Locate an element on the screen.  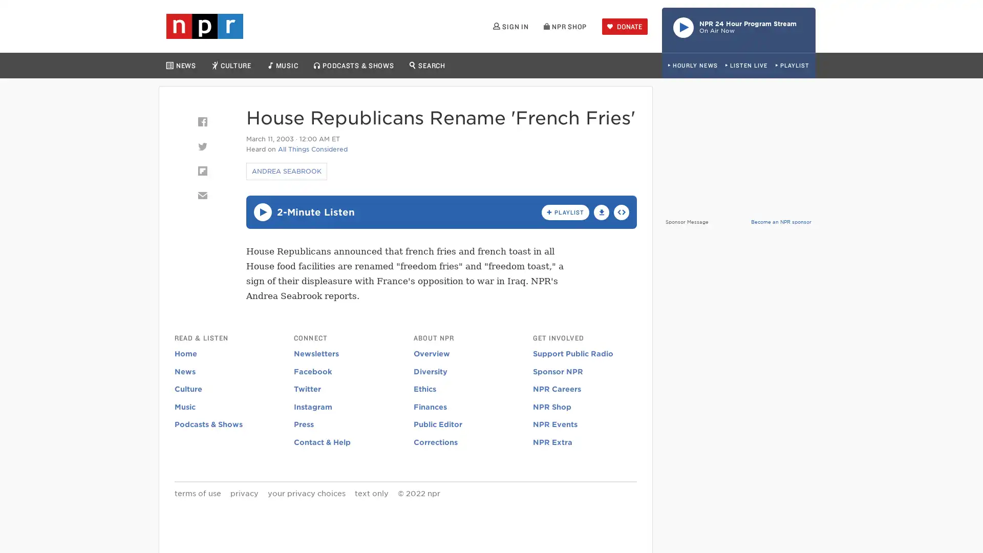
Email is located at coordinates (202, 195).